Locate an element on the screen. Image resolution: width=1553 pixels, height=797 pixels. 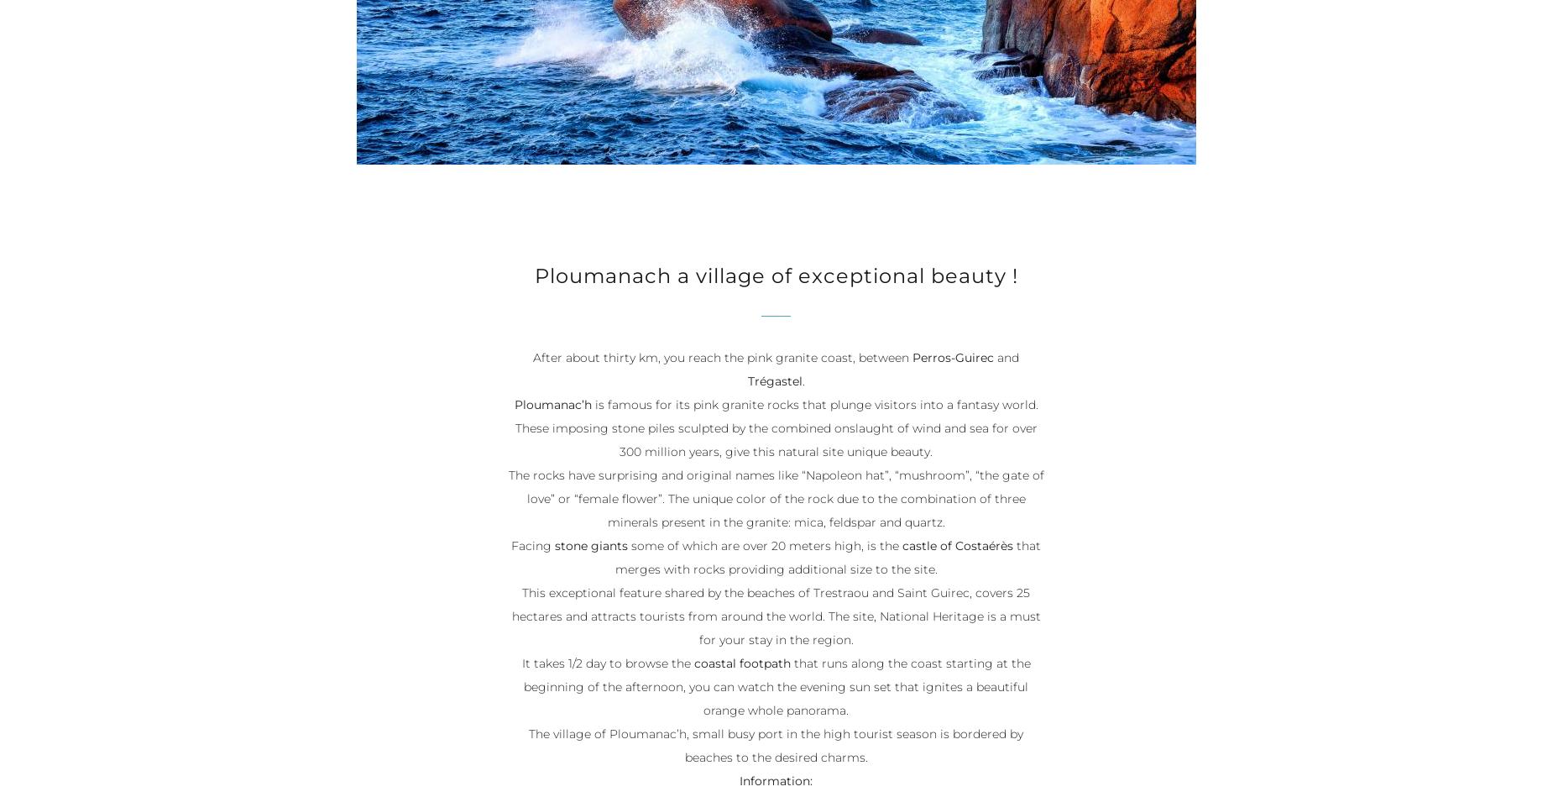
'castle of Costaérès' is located at coordinates (957, 547).